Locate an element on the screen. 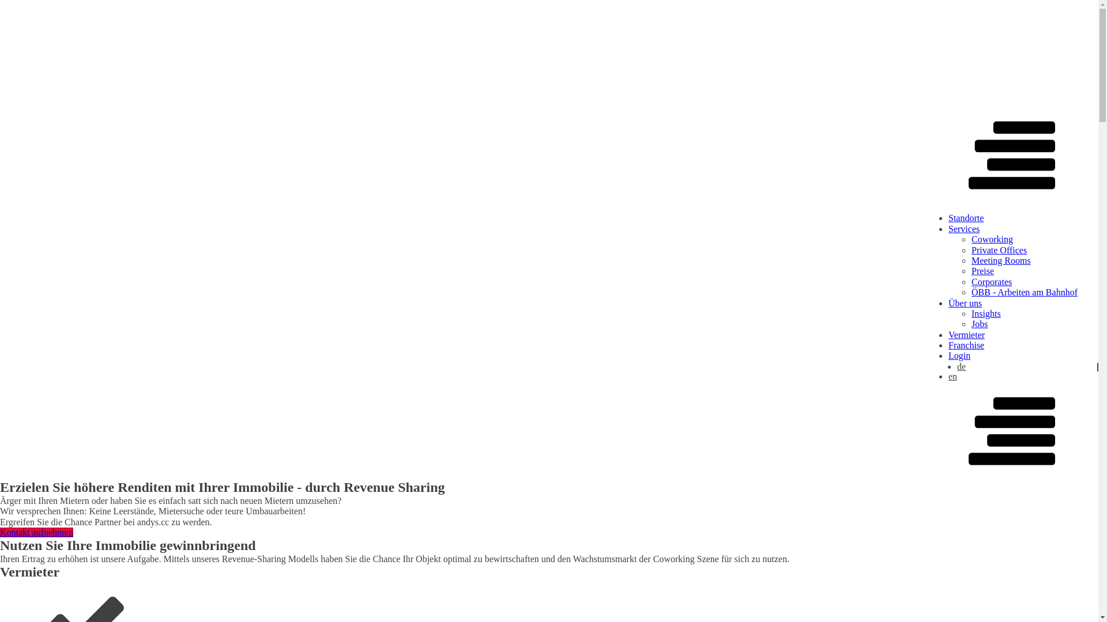 The width and height of the screenshot is (1107, 622). 'Meeting Rooms' is located at coordinates (1000, 260).